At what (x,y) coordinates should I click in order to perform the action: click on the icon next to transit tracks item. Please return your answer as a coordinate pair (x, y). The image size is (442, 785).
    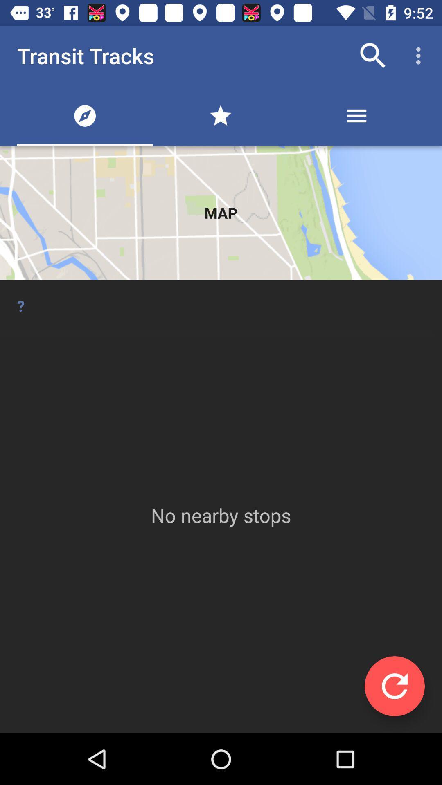
    Looking at the image, I should click on (373, 55).